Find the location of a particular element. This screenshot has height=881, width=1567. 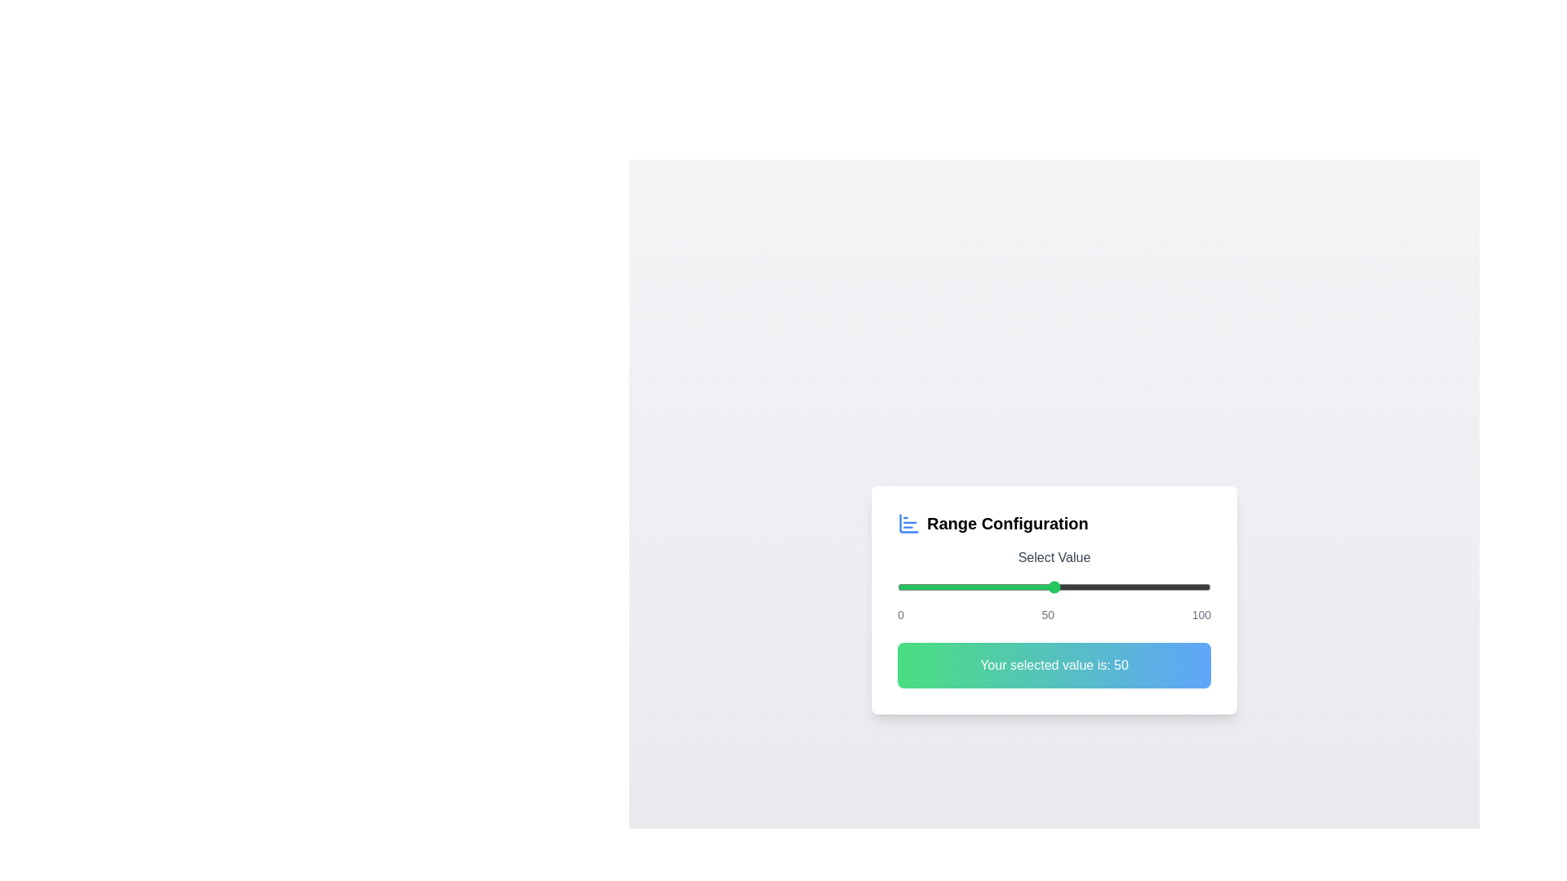

the slider to set the value to 68 is located at coordinates (1110, 587).